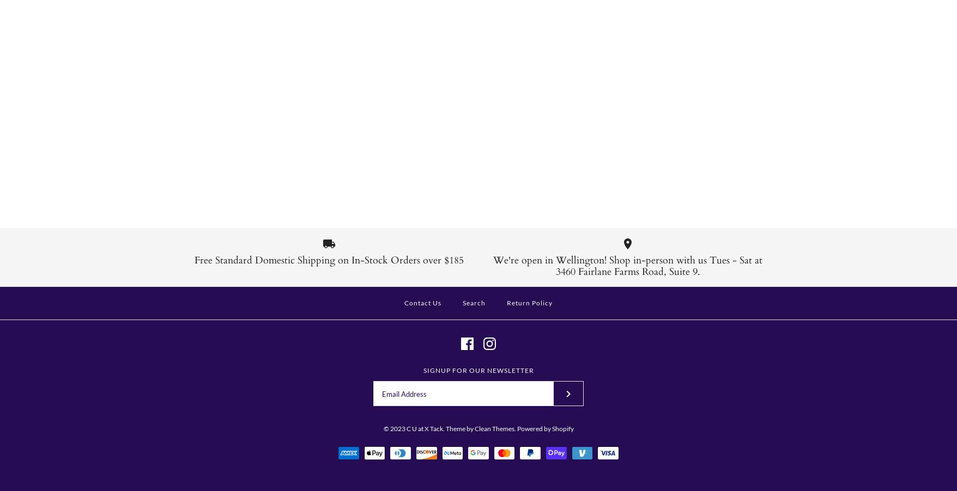  What do you see at coordinates (544, 427) in the screenshot?
I see `'Powered by Shopify'` at bounding box center [544, 427].